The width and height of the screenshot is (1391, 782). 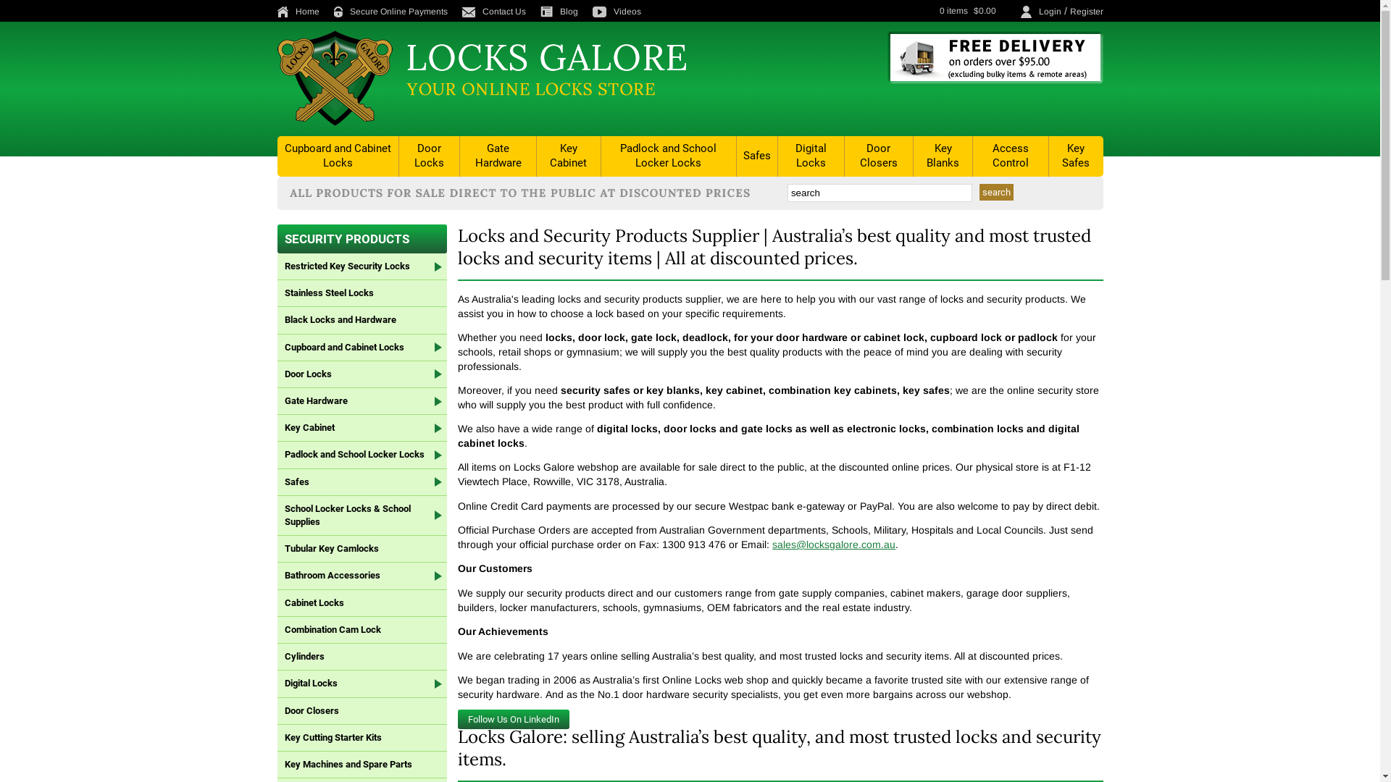 What do you see at coordinates (943, 156) in the screenshot?
I see `'Key Blanks'` at bounding box center [943, 156].